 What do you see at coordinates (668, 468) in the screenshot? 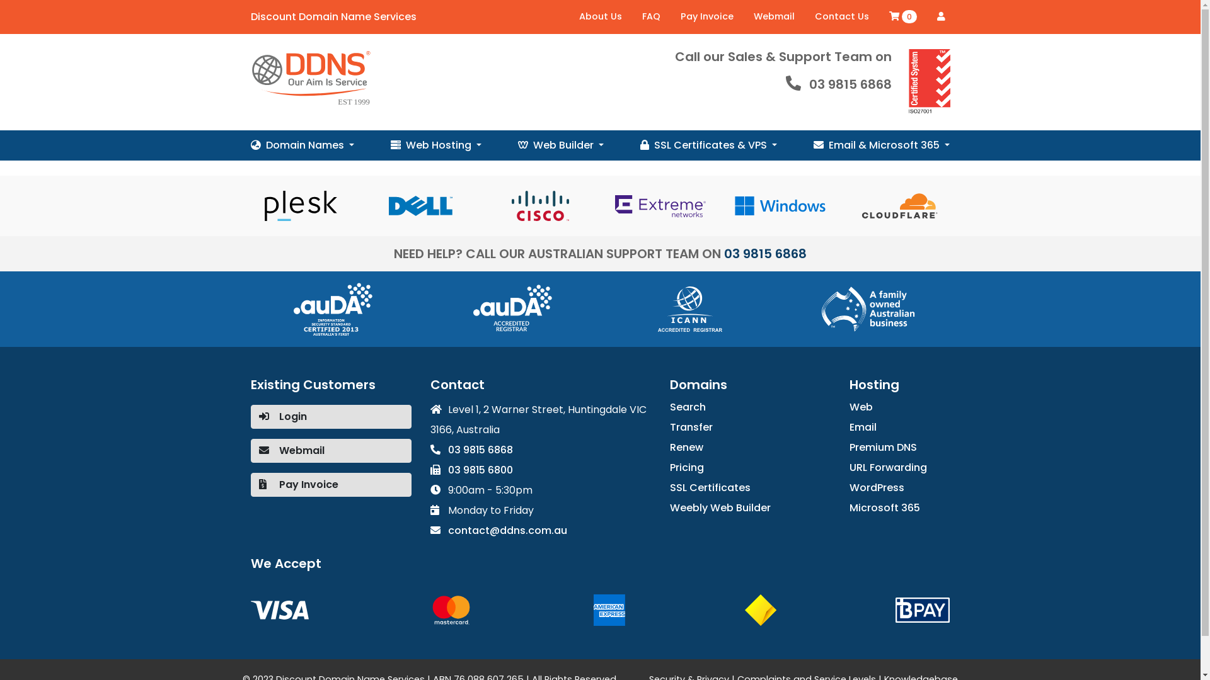
I see `'Pricing'` at bounding box center [668, 468].